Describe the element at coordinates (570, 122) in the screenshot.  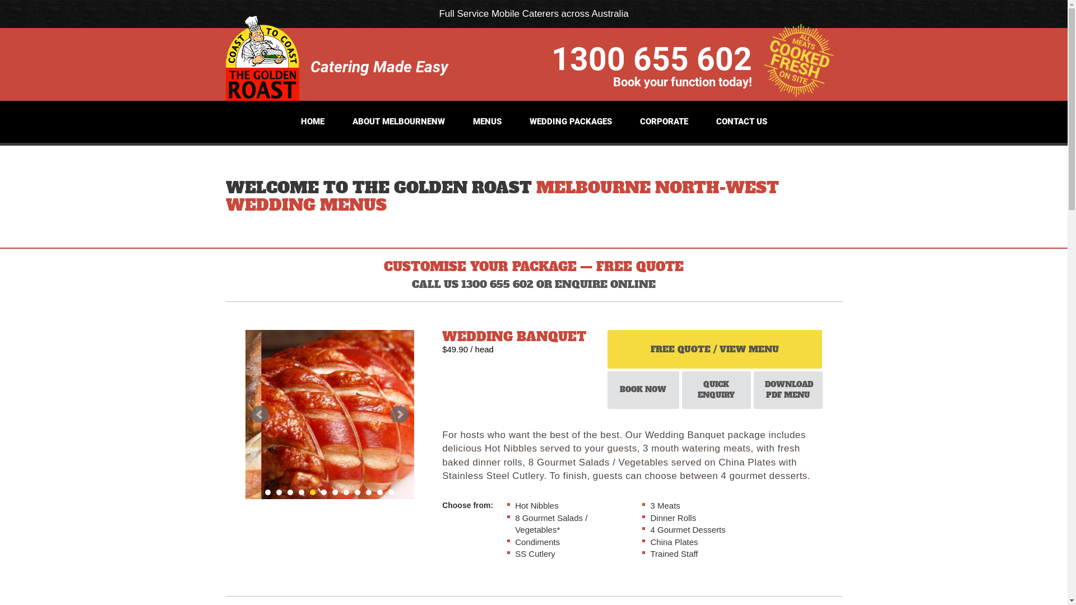
I see `'WEDDING PACKAGES'` at that location.